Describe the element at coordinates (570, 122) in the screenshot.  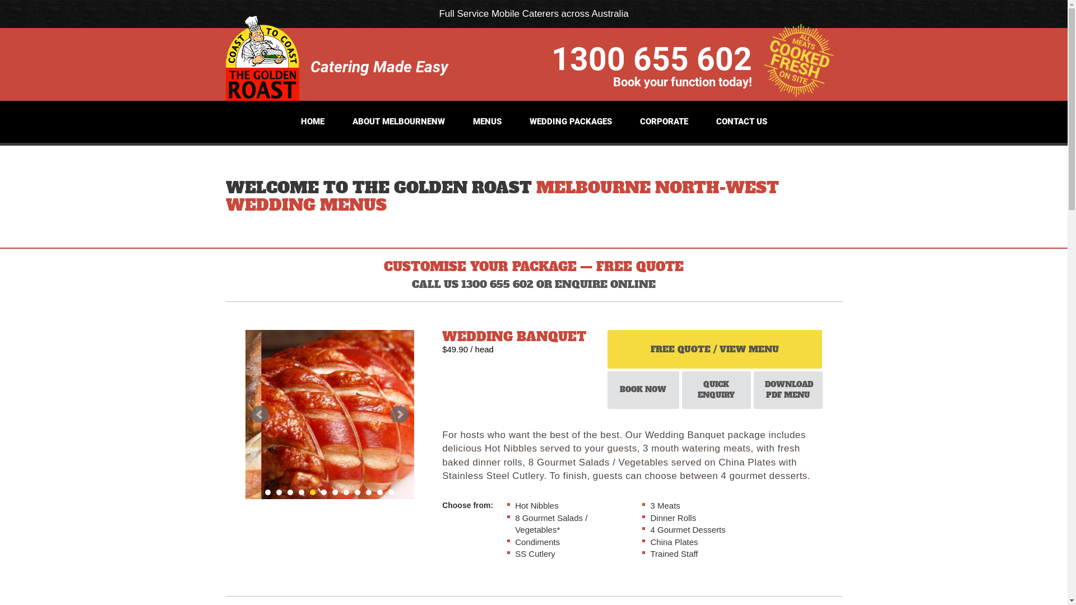
I see `'WEDDING PACKAGES'` at that location.